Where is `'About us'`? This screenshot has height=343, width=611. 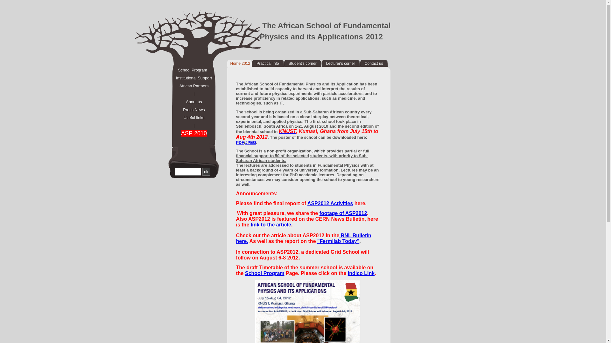
'About us' is located at coordinates (190, 101).